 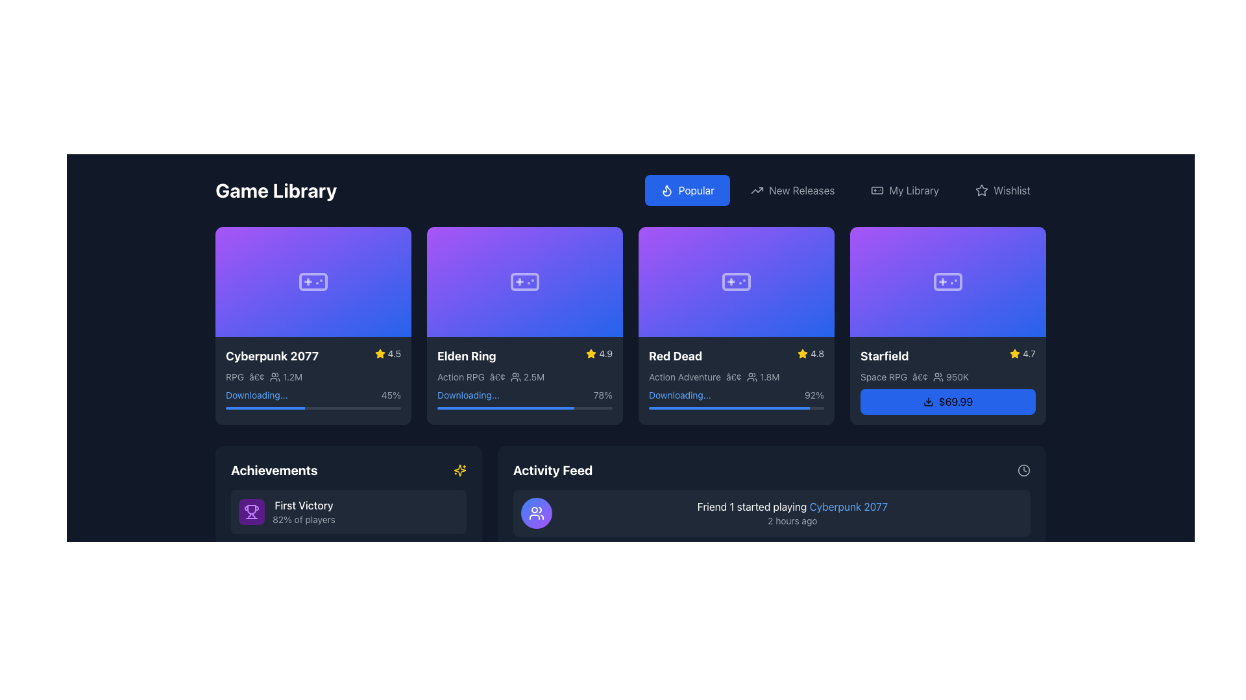 I want to click on text display element that reads 'Action RPG • 2.5M' located below the game's rating and title for the game 'Elden Ring', so click(x=525, y=377).